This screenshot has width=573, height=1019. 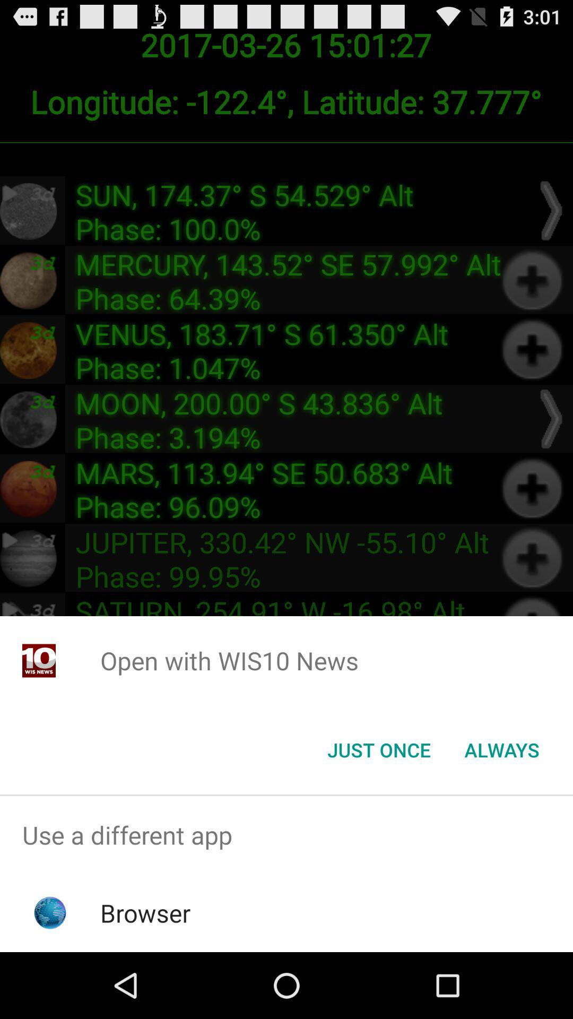 I want to click on use a different icon, so click(x=286, y=834).